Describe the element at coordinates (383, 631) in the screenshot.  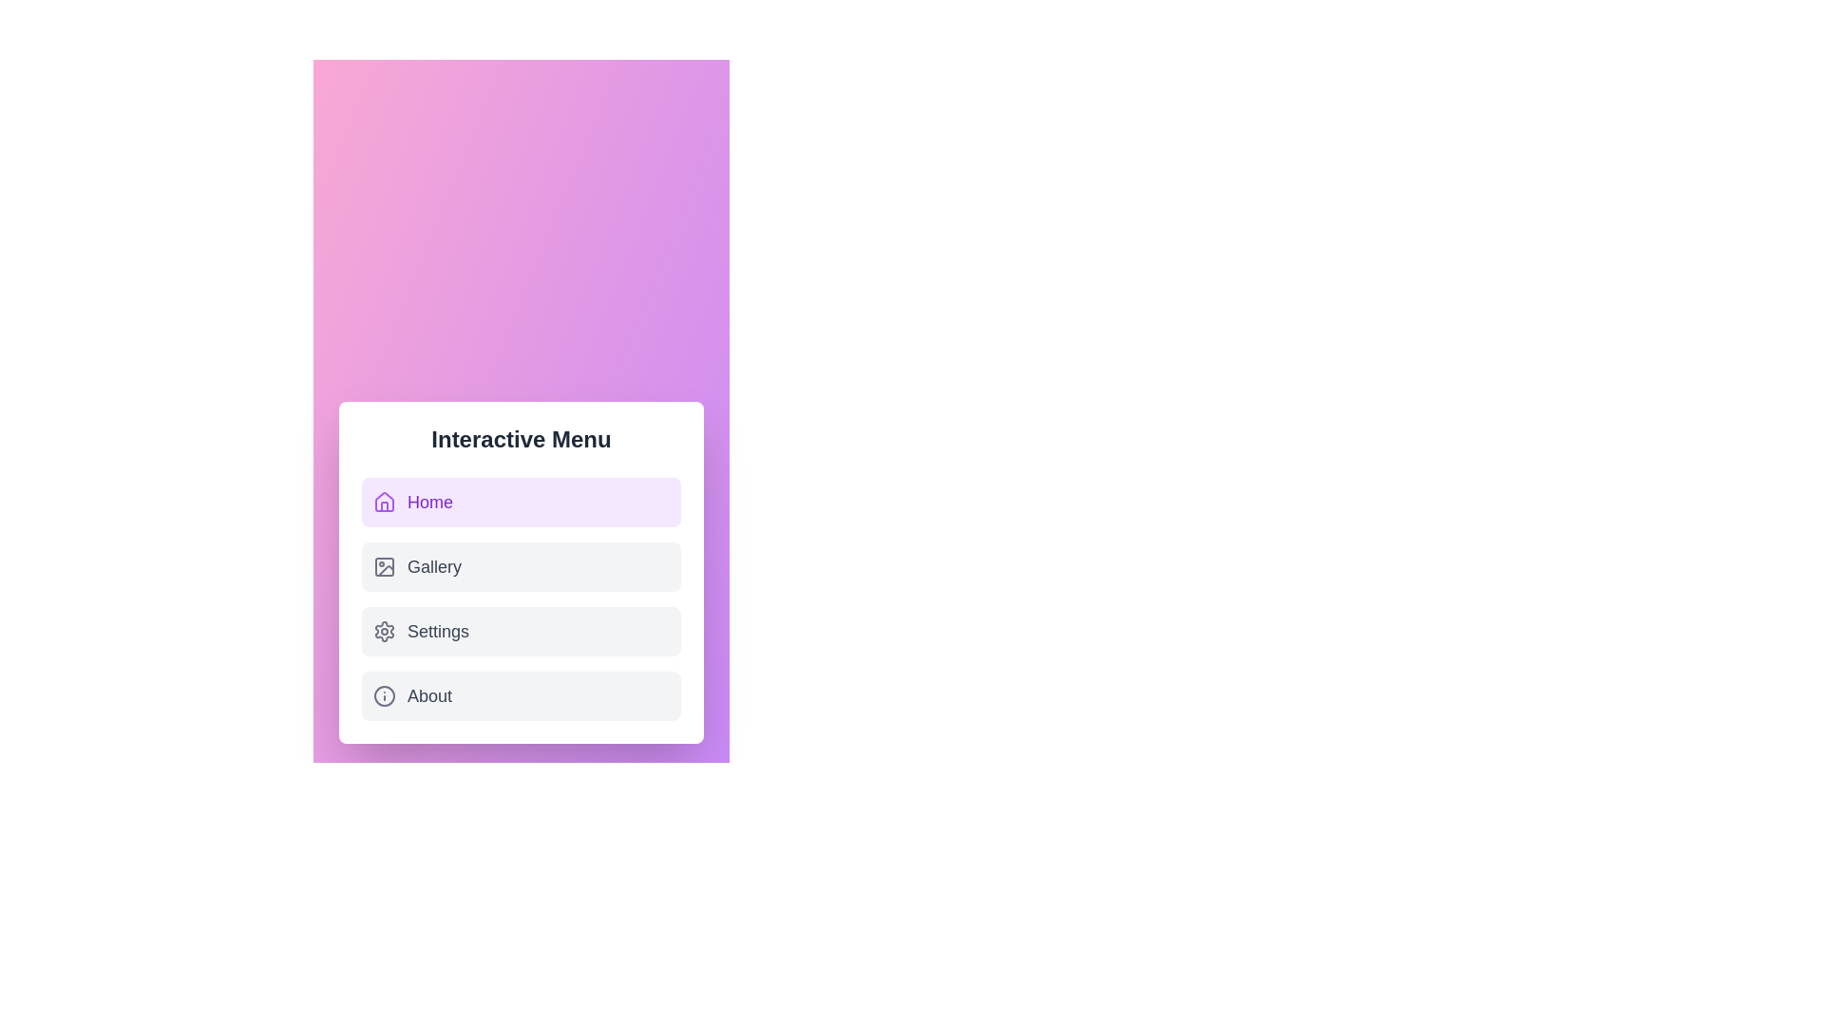
I see `the icon next to the tab label Settings` at that location.